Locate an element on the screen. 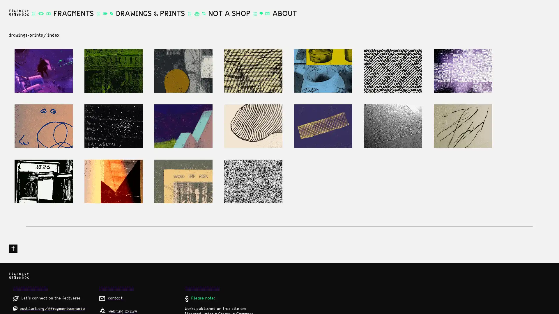 This screenshot has height=314, width=559. Top is located at coordinates (13, 249).